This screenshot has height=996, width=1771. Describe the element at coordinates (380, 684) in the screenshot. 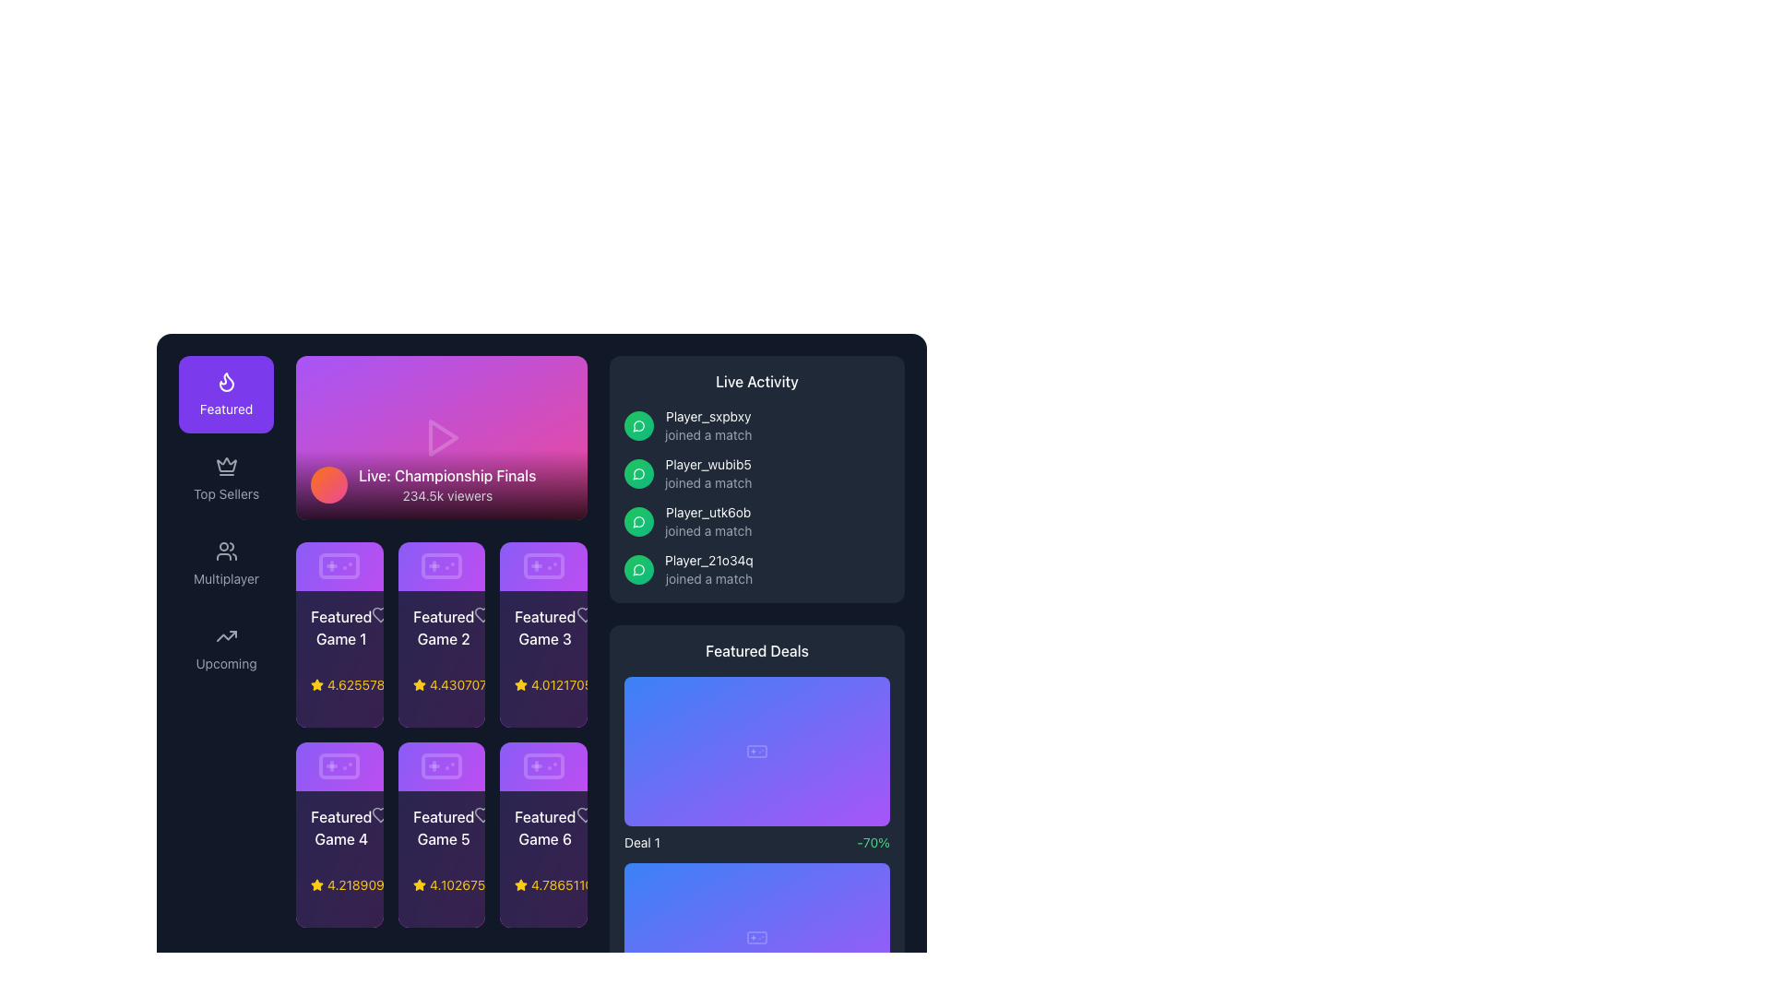

I see `the leftmost Rating Indicator located below the 'Featured Game 1' card in the 'Featured' section` at that location.